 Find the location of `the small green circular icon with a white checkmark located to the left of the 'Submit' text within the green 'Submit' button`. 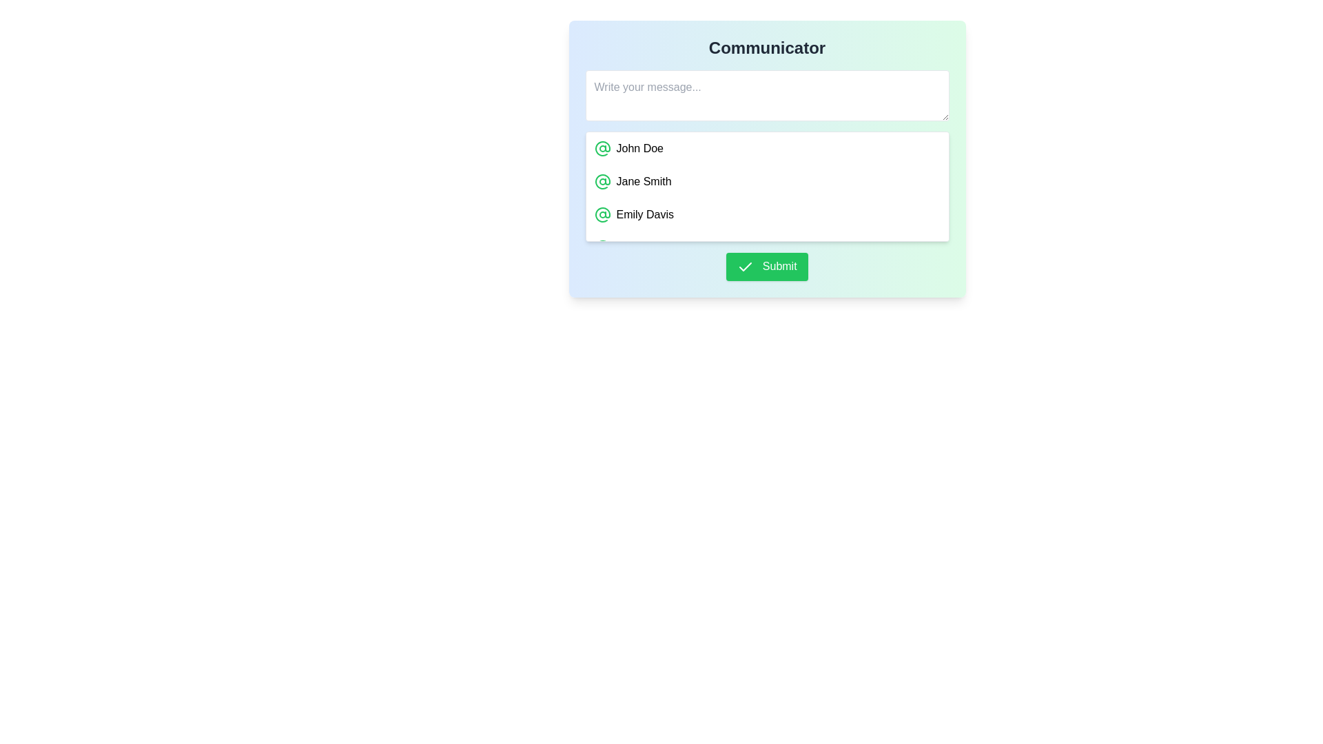

the small green circular icon with a white checkmark located to the left of the 'Submit' text within the green 'Submit' button is located at coordinates (745, 267).